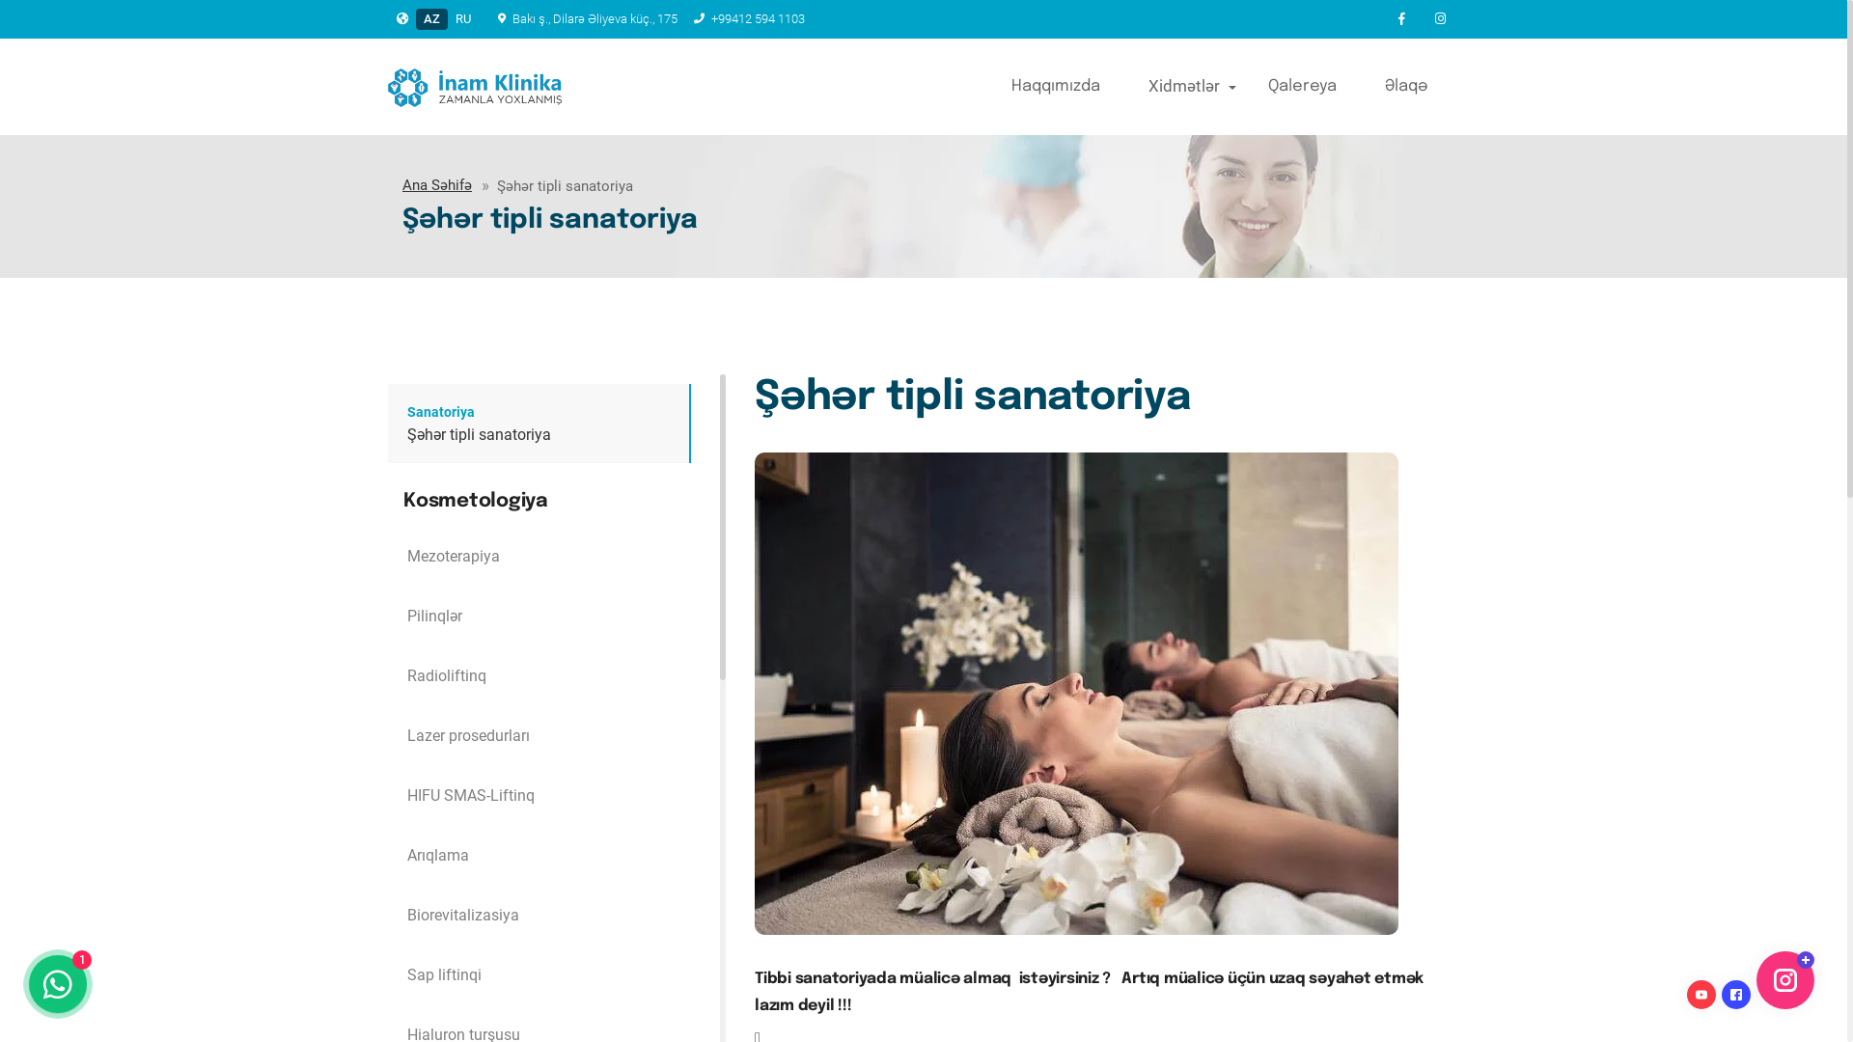 The width and height of the screenshot is (1853, 1042). I want to click on 'Qalereya', so click(1309, 85).